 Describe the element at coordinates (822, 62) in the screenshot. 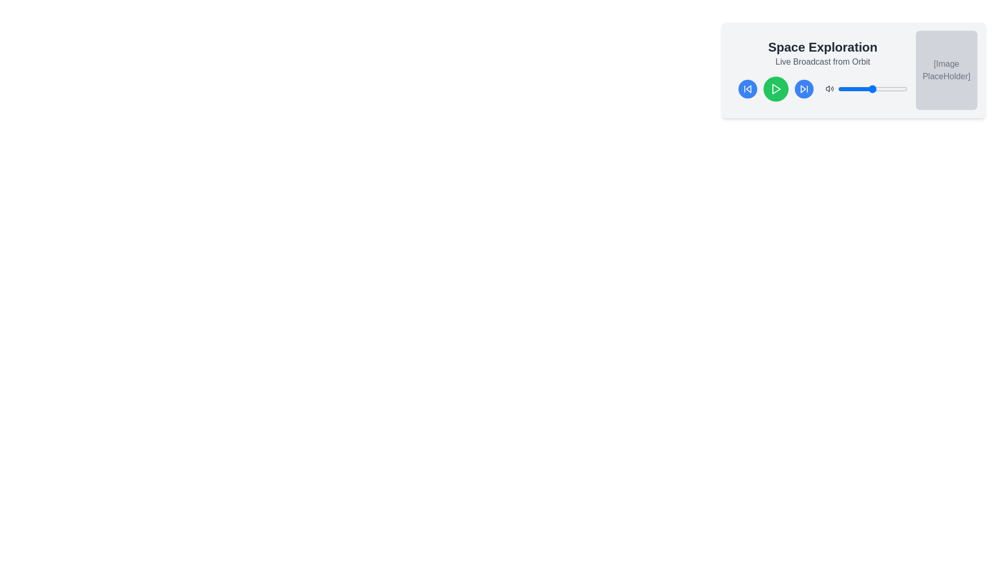

I see `the subtitle text element providing additional context about 'Space Exploration', positioned directly below the heading` at that location.